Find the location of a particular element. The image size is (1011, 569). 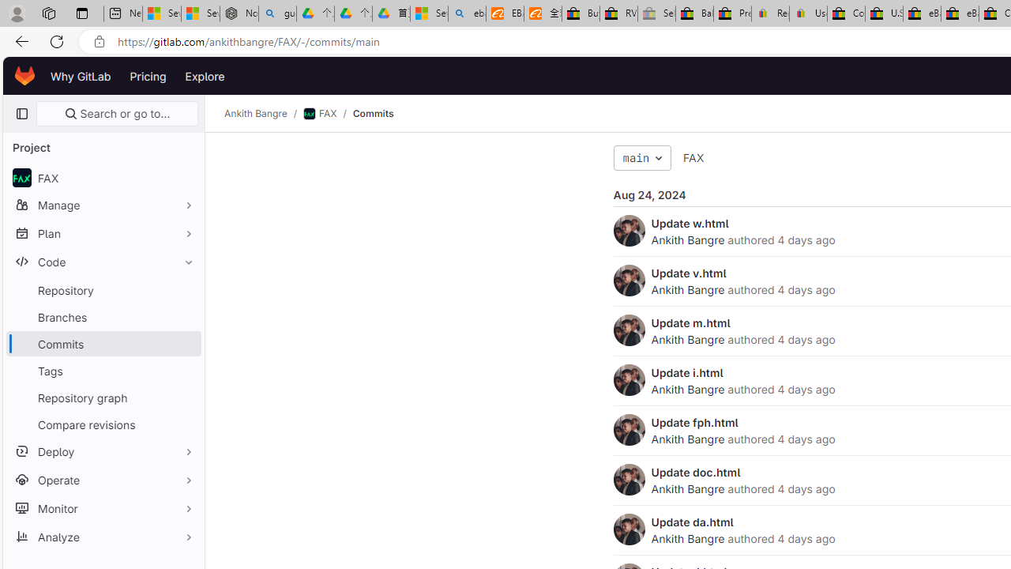

'FAX/' is located at coordinates (326, 113).